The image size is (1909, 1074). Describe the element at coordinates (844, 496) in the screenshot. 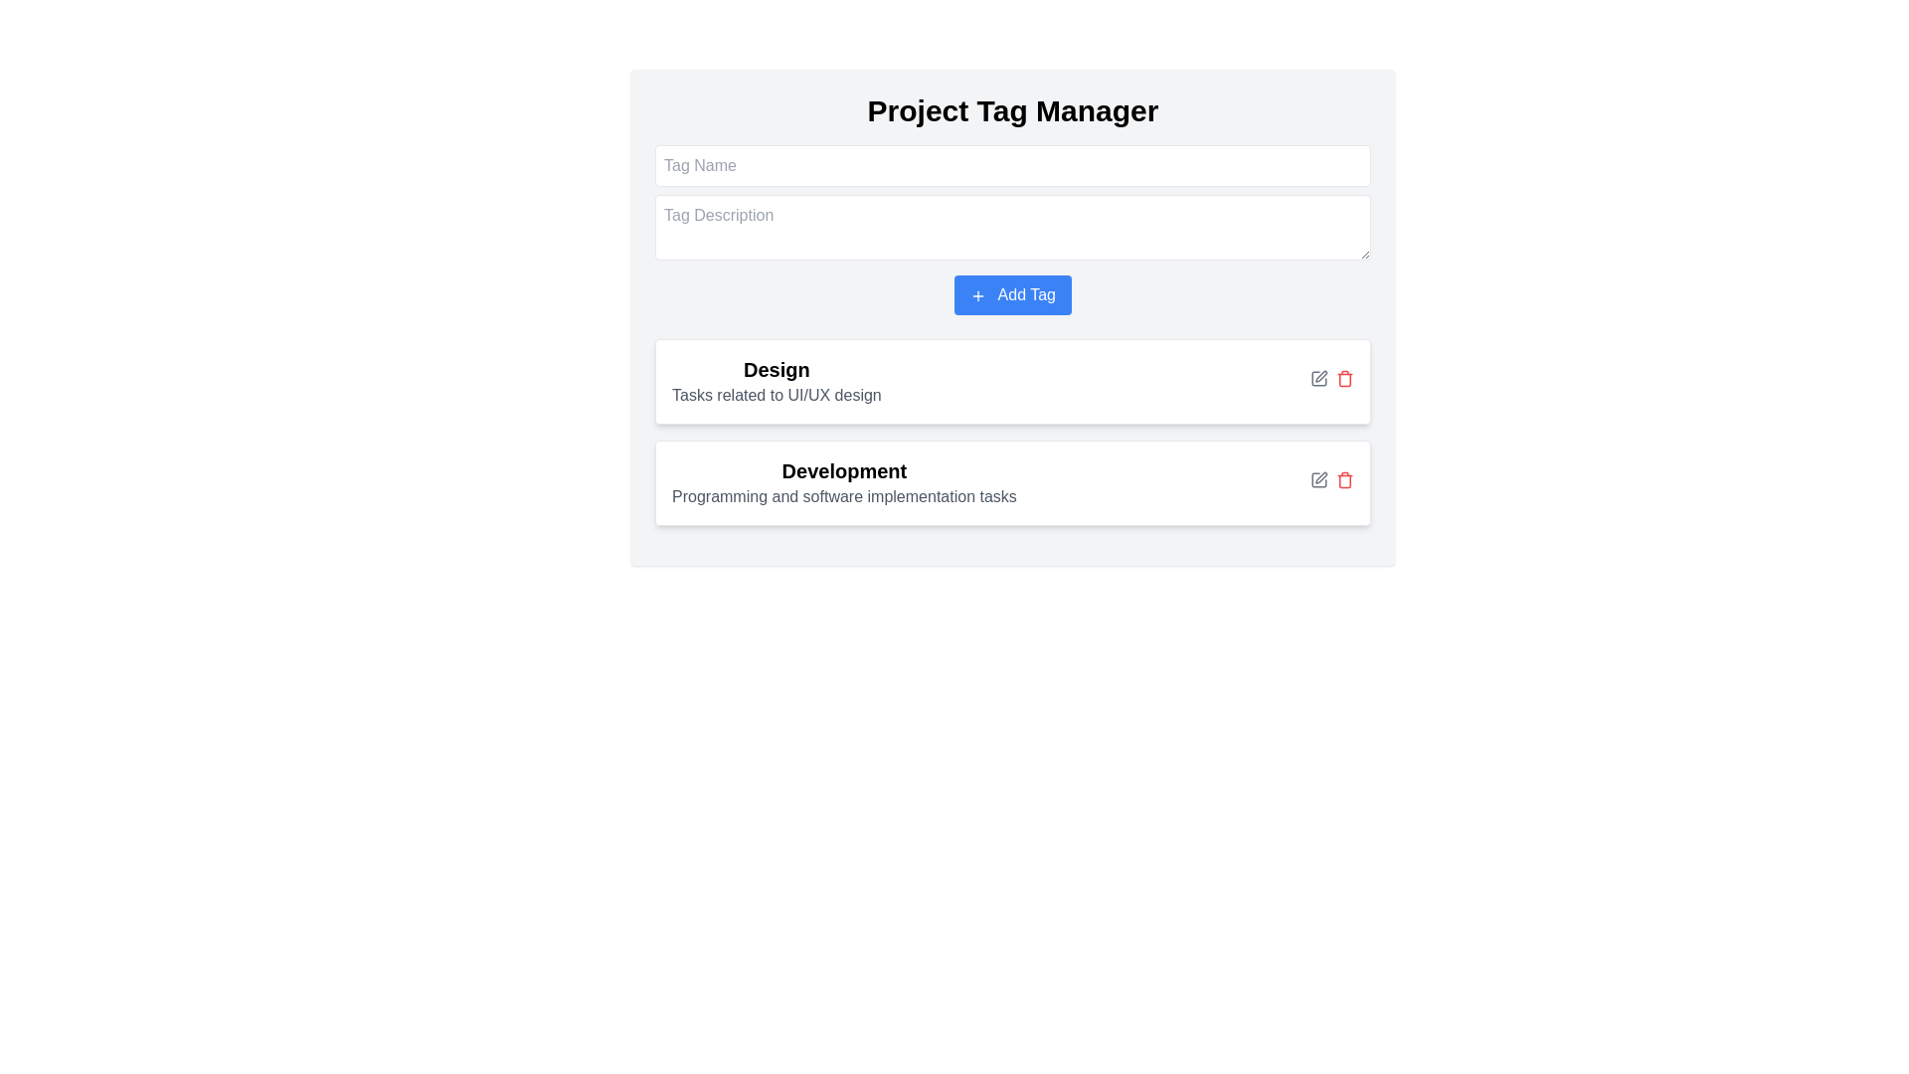

I see `the static text element that provides a description related to the development section, located under the 'Development' segment` at that location.